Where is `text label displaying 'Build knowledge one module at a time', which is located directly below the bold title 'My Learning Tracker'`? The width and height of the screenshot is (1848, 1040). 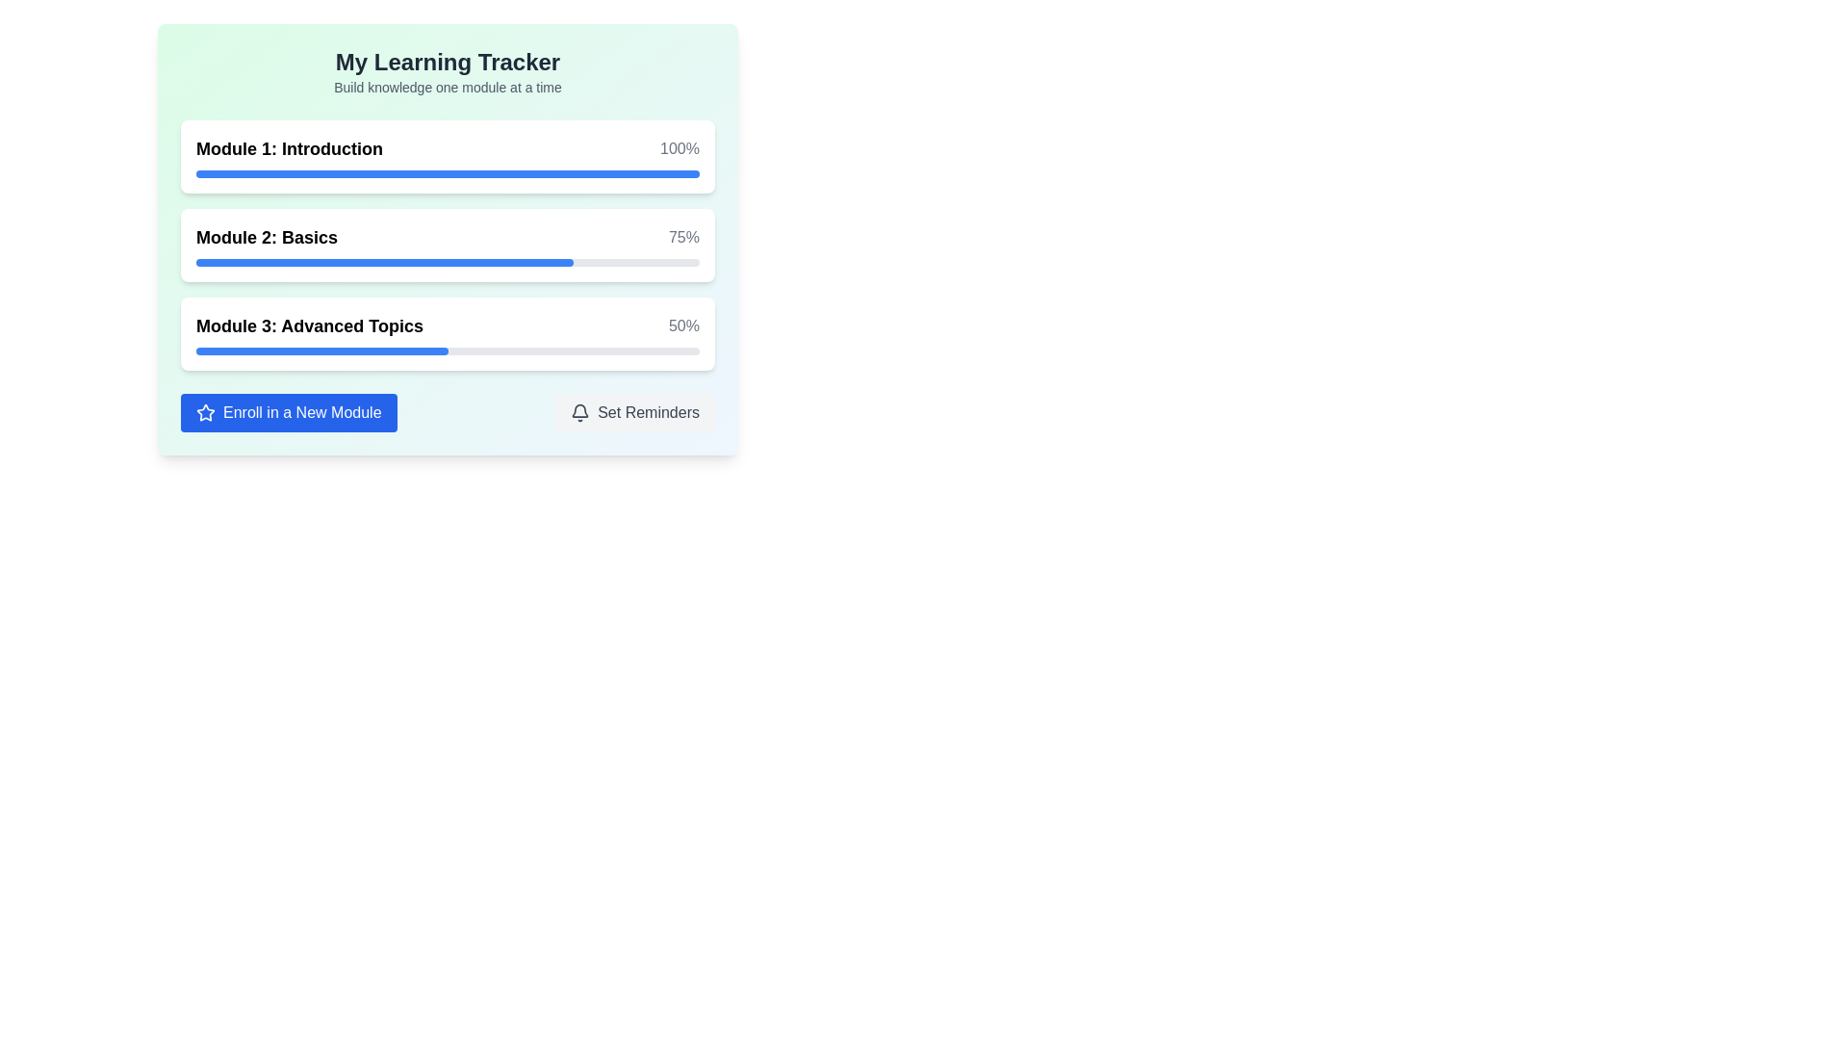
text label displaying 'Build knowledge one module at a time', which is located directly below the bold title 'My Learning Tracker' is located at coordinates (447, 88).